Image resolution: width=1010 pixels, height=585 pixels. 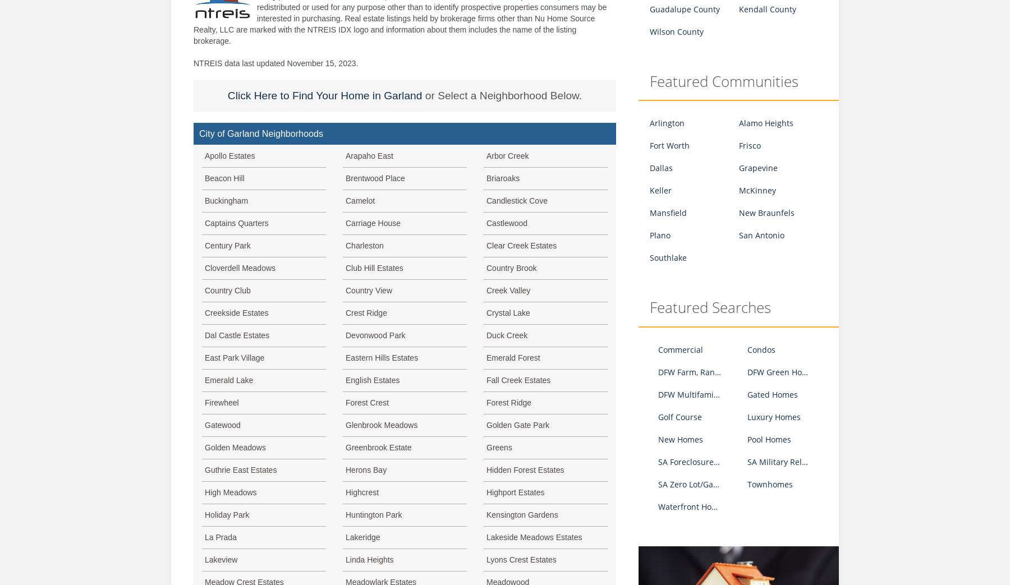 I want to click on 'Camelot', so click(x=360, y=200).